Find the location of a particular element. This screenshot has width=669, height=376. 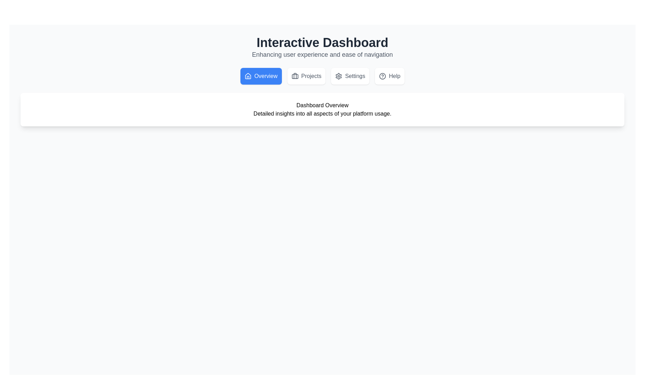

the 'Settings' text label next to the settings icon in the navigation bar is located at coordinates (355, 76).